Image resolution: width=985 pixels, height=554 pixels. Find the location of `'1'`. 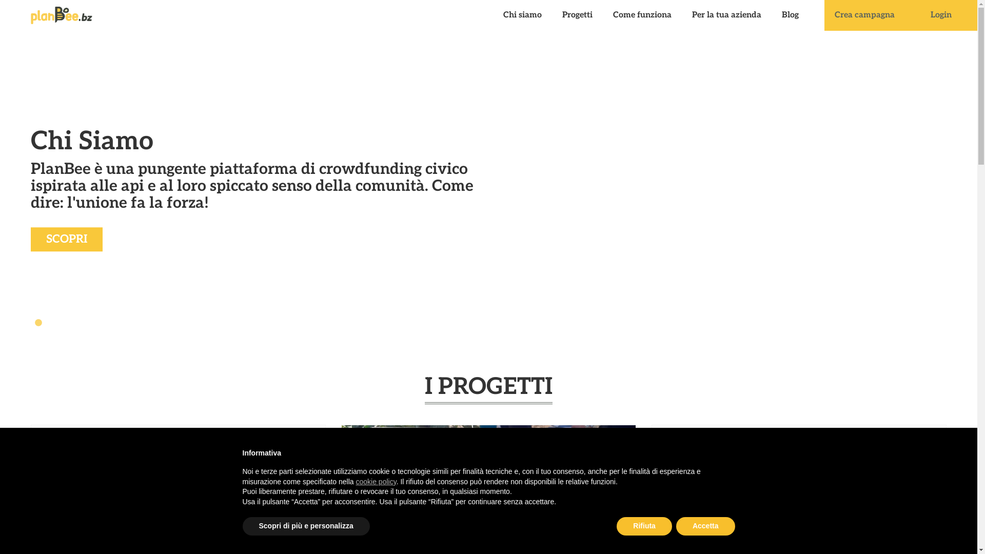

'1' is located at coordinates (33, 322).